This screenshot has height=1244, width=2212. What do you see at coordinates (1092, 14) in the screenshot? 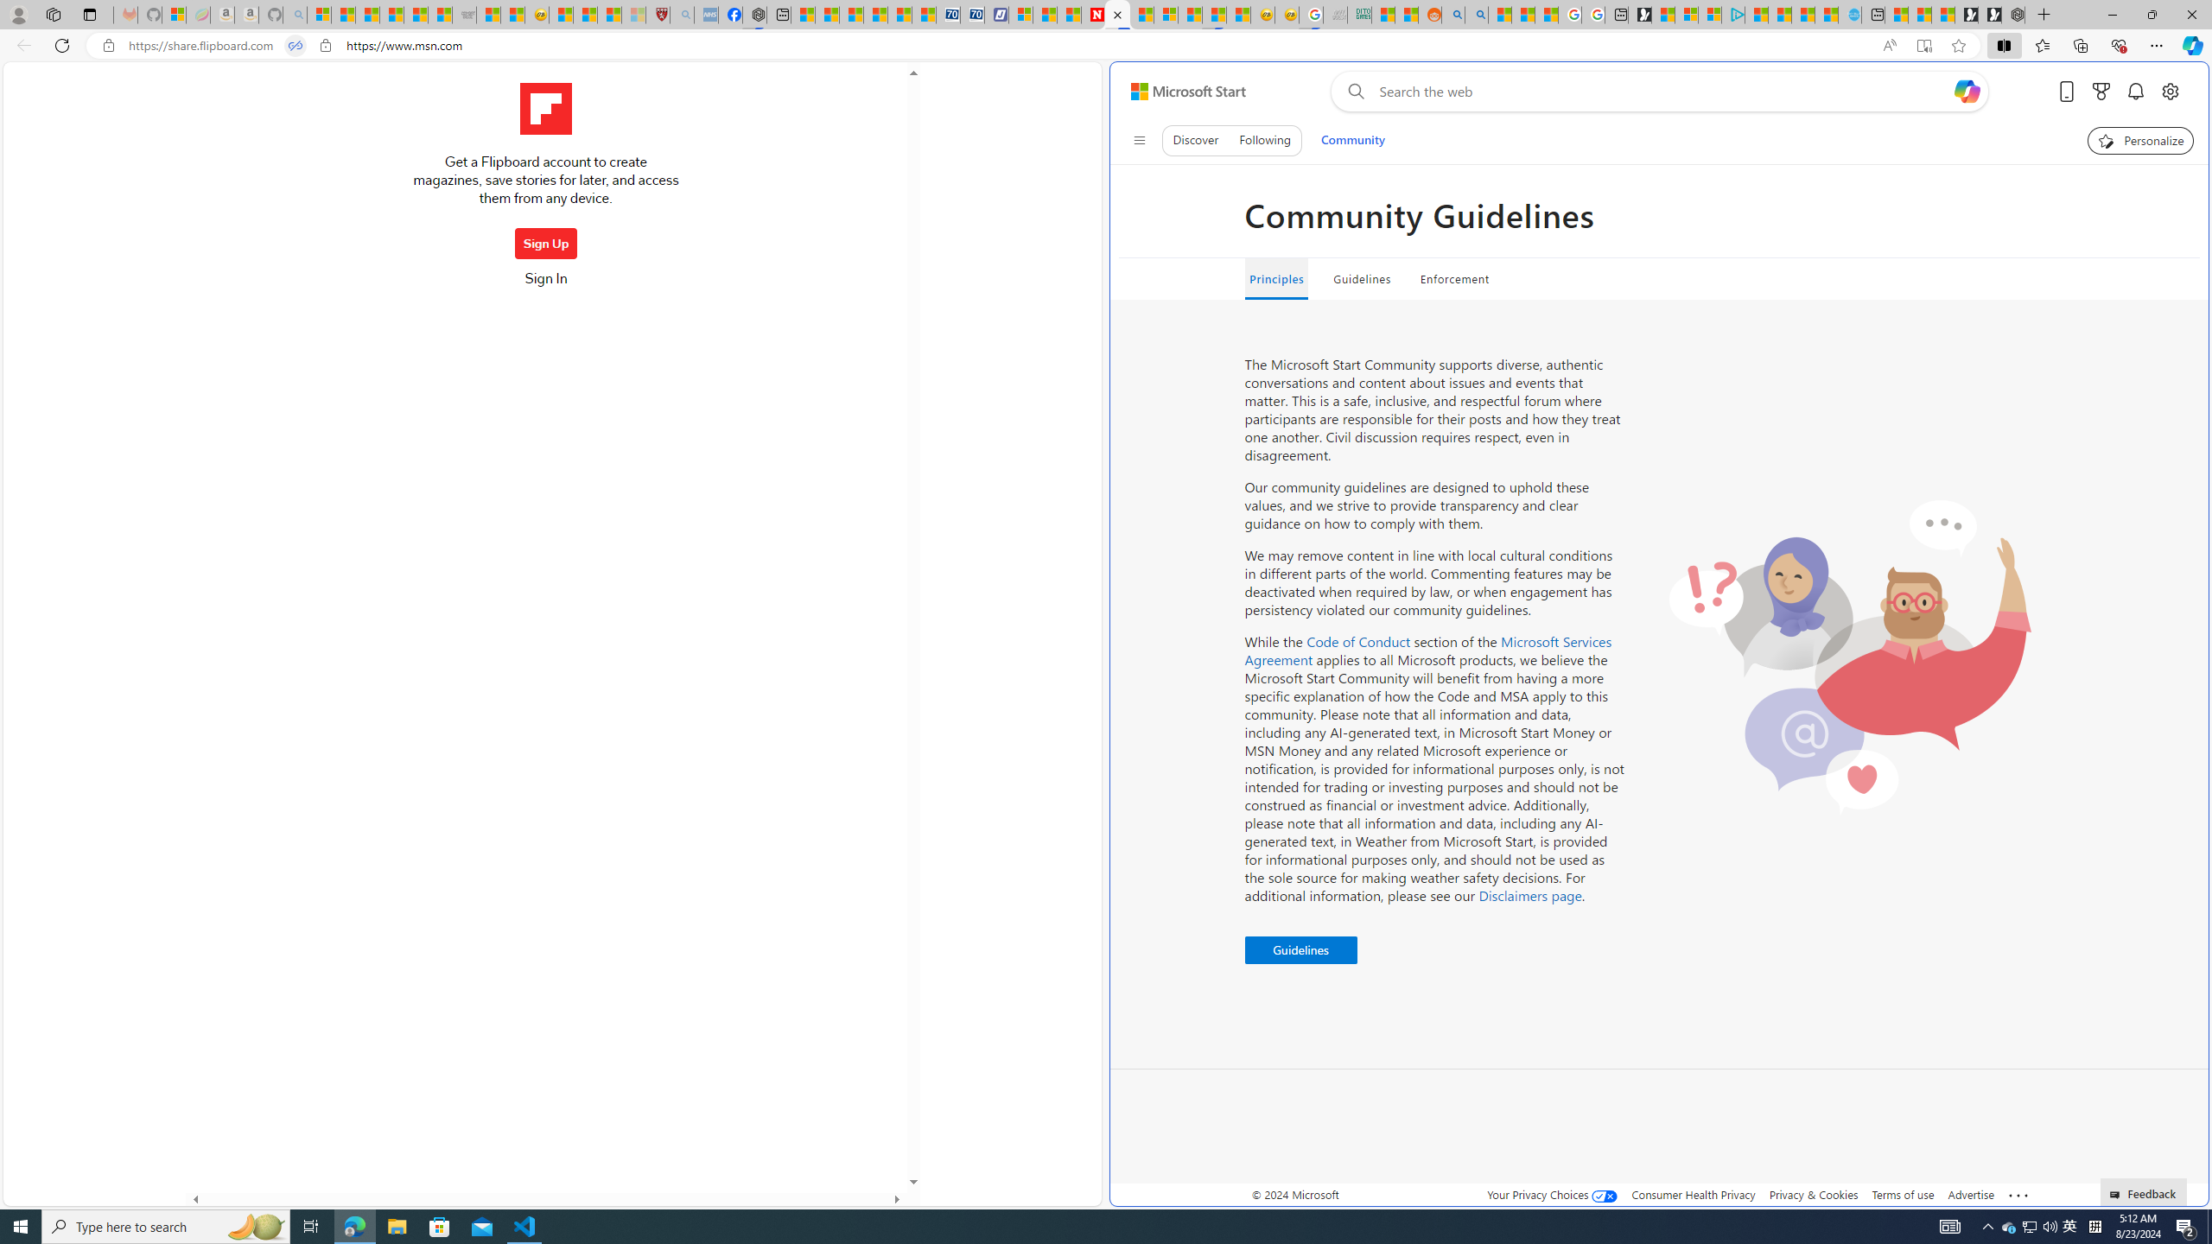
I see `'Newsweek - News, Analysis, Politics, Business, Technology'` at bounding box center [1092, 14].